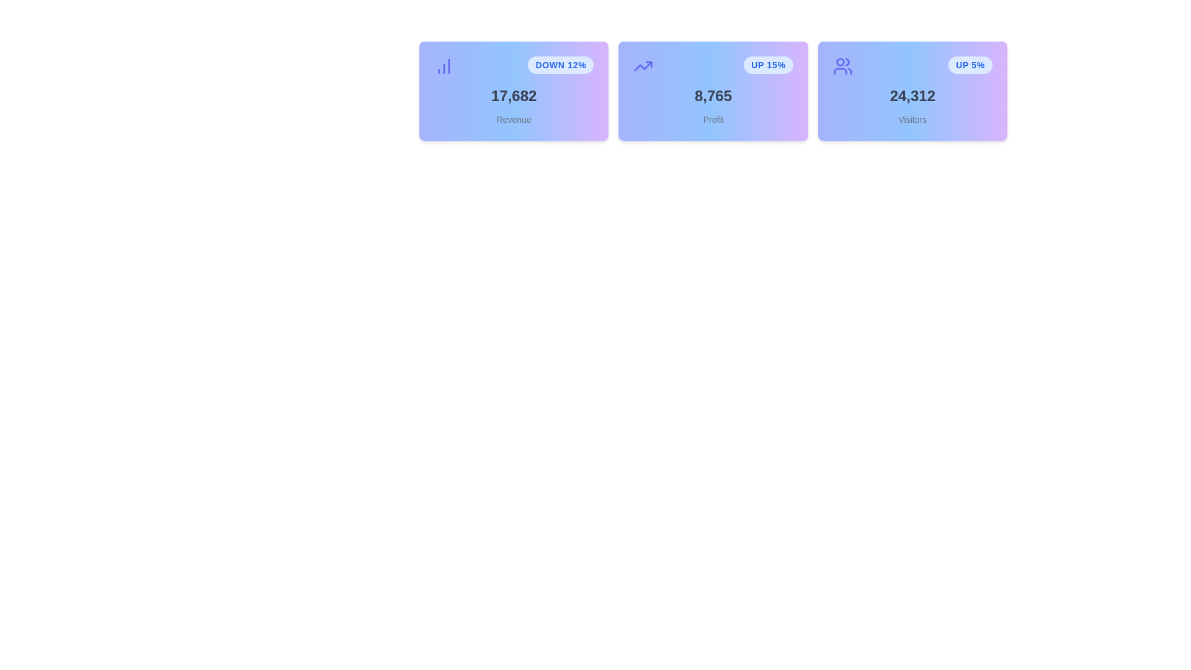 This screenshot has width=1191, height=670. What do you see at coordinates (847, 62) in the screenshot?
I see `the user group icon located at the top-right portion of the icon, represented by a small circular section` at bounding box center [847, 62].